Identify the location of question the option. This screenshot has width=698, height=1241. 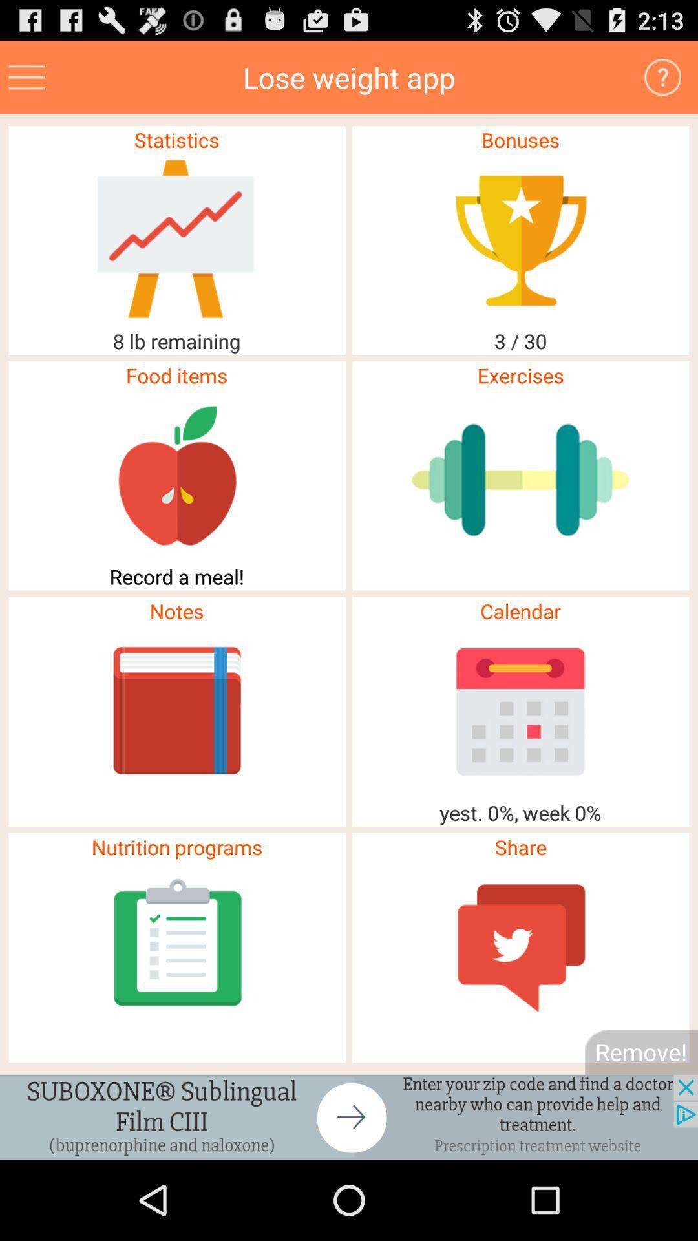
(662, 76).